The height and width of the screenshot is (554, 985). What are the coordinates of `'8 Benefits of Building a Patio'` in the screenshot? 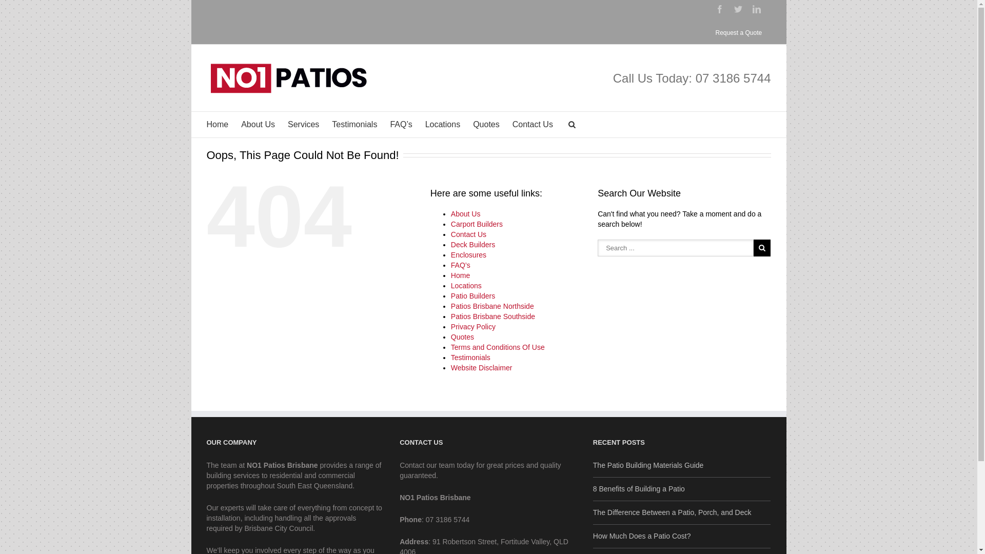 It's located at (682, 485).